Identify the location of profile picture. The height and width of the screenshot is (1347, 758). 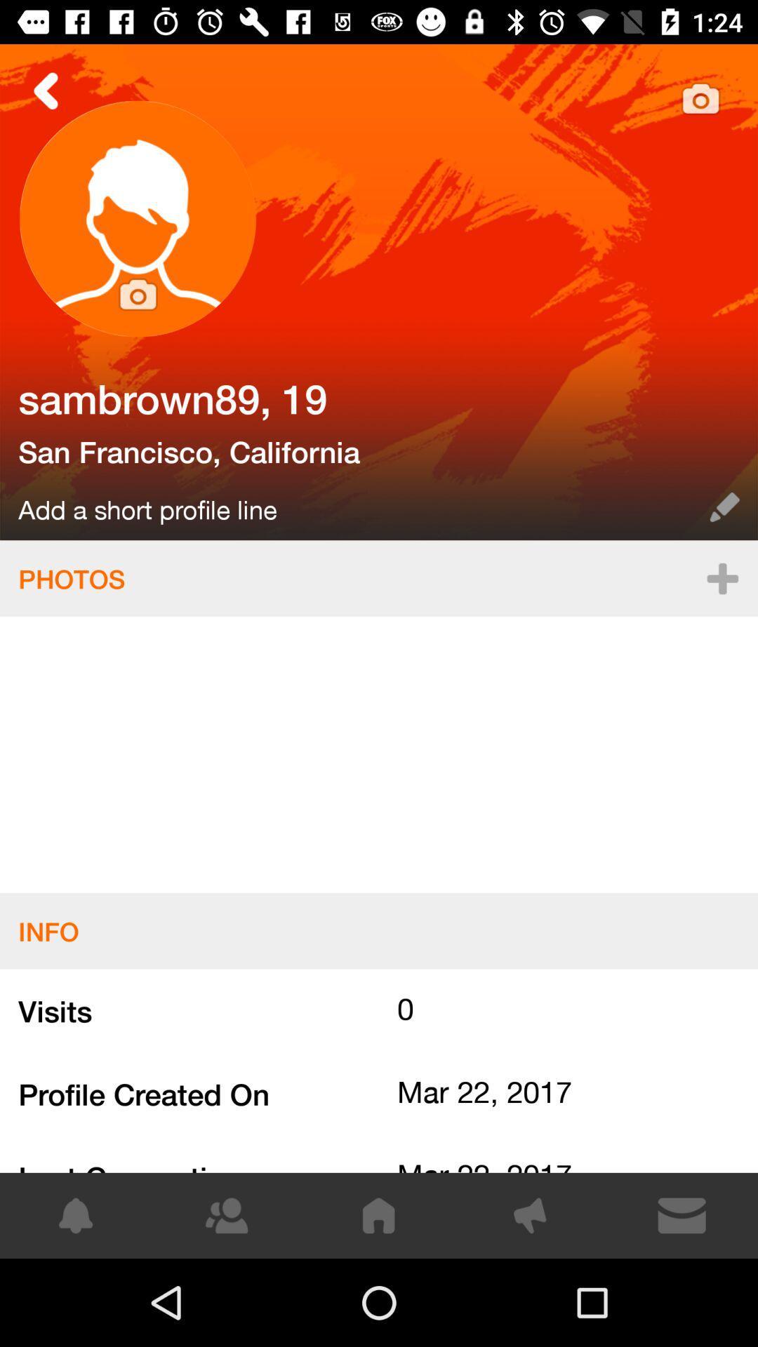
(138, 218).